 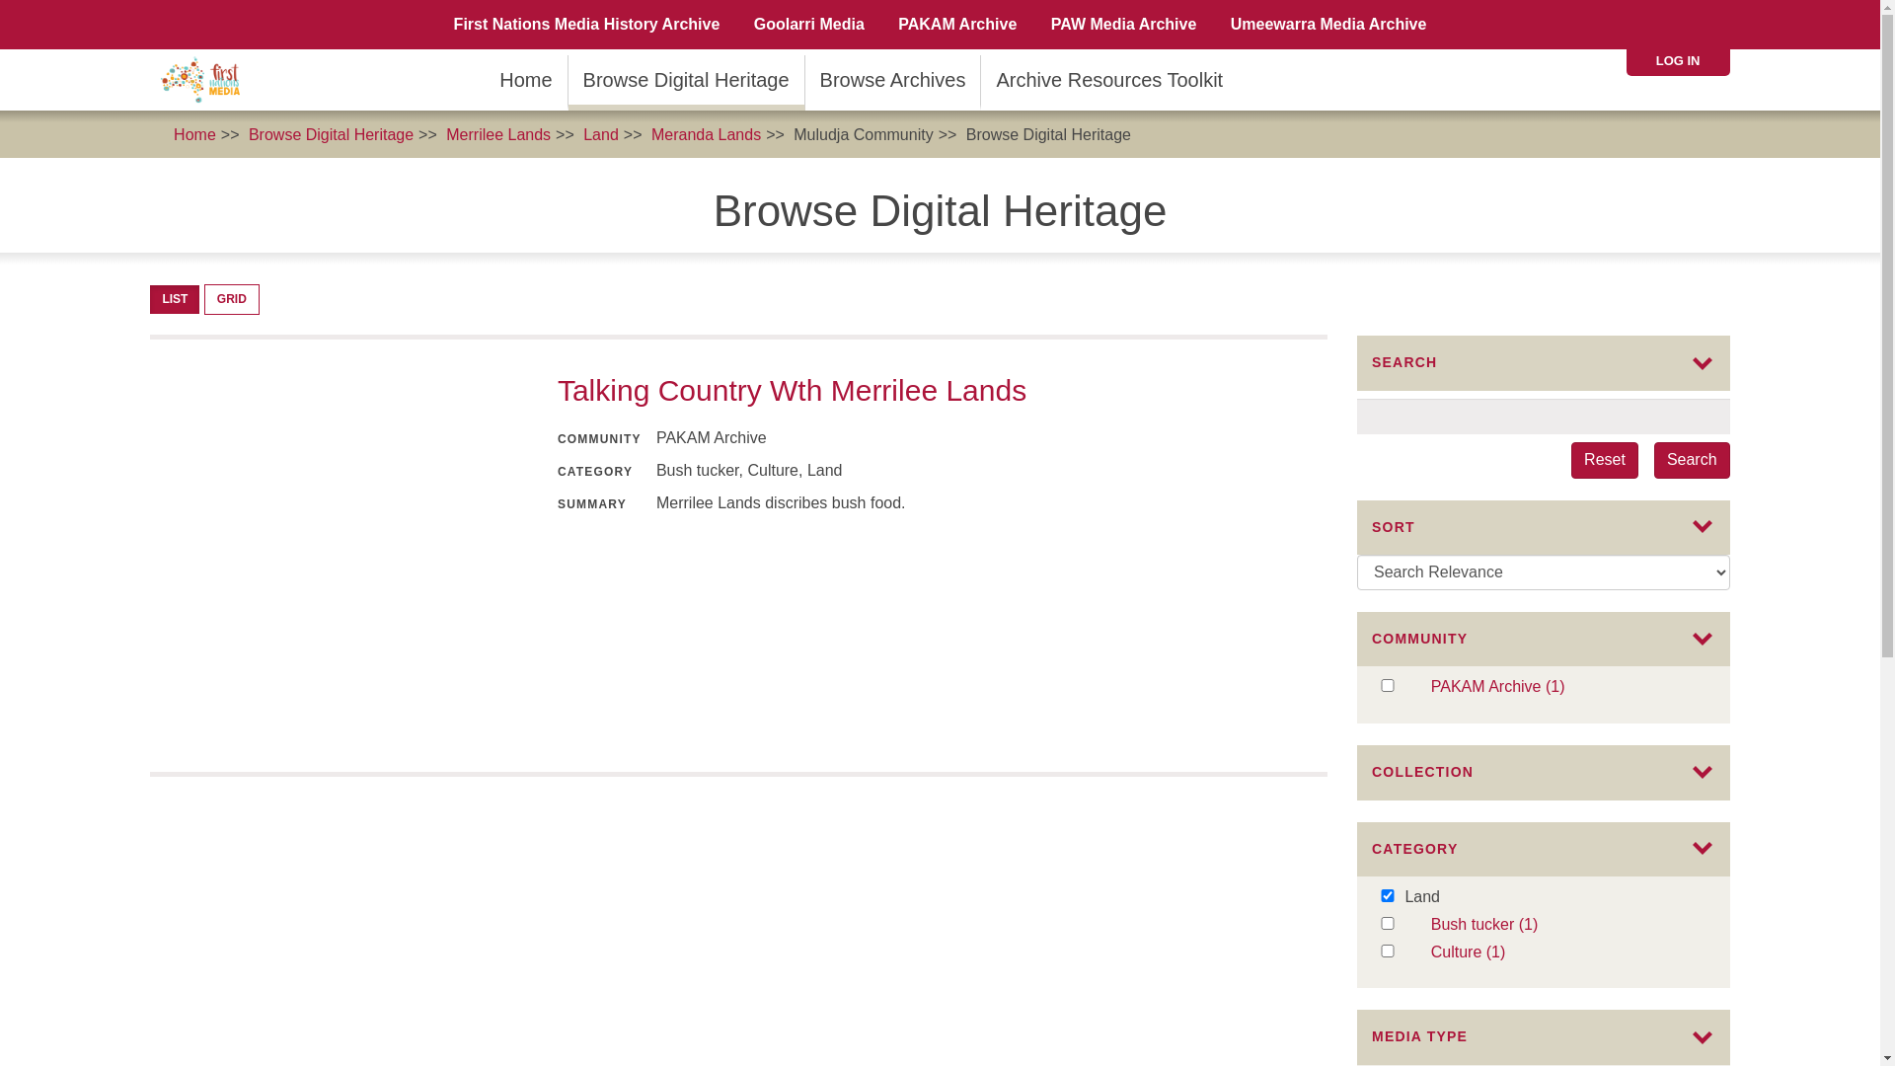 I want to click on 'Archive Resources Toolkit', so click(x=1108, y=79).